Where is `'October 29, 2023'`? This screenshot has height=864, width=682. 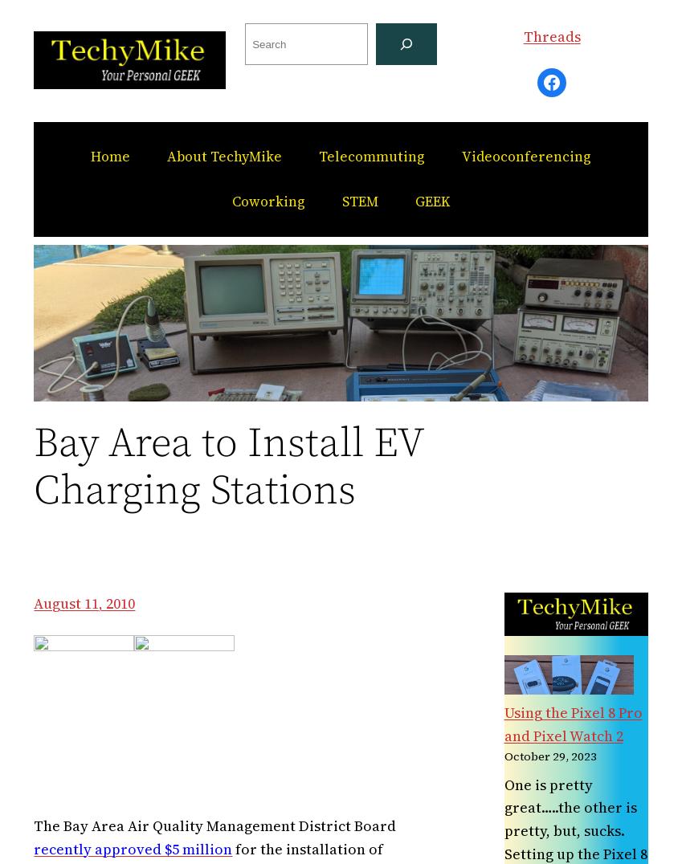 'October 29, 2023' is located at coordinates (503, 756).